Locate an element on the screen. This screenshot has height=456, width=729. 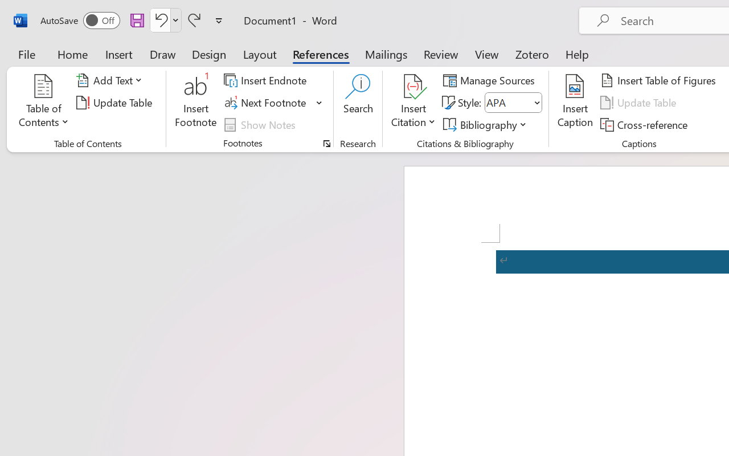
'Undo Apply Quick Style Set' is located at coordinates (165, 19).